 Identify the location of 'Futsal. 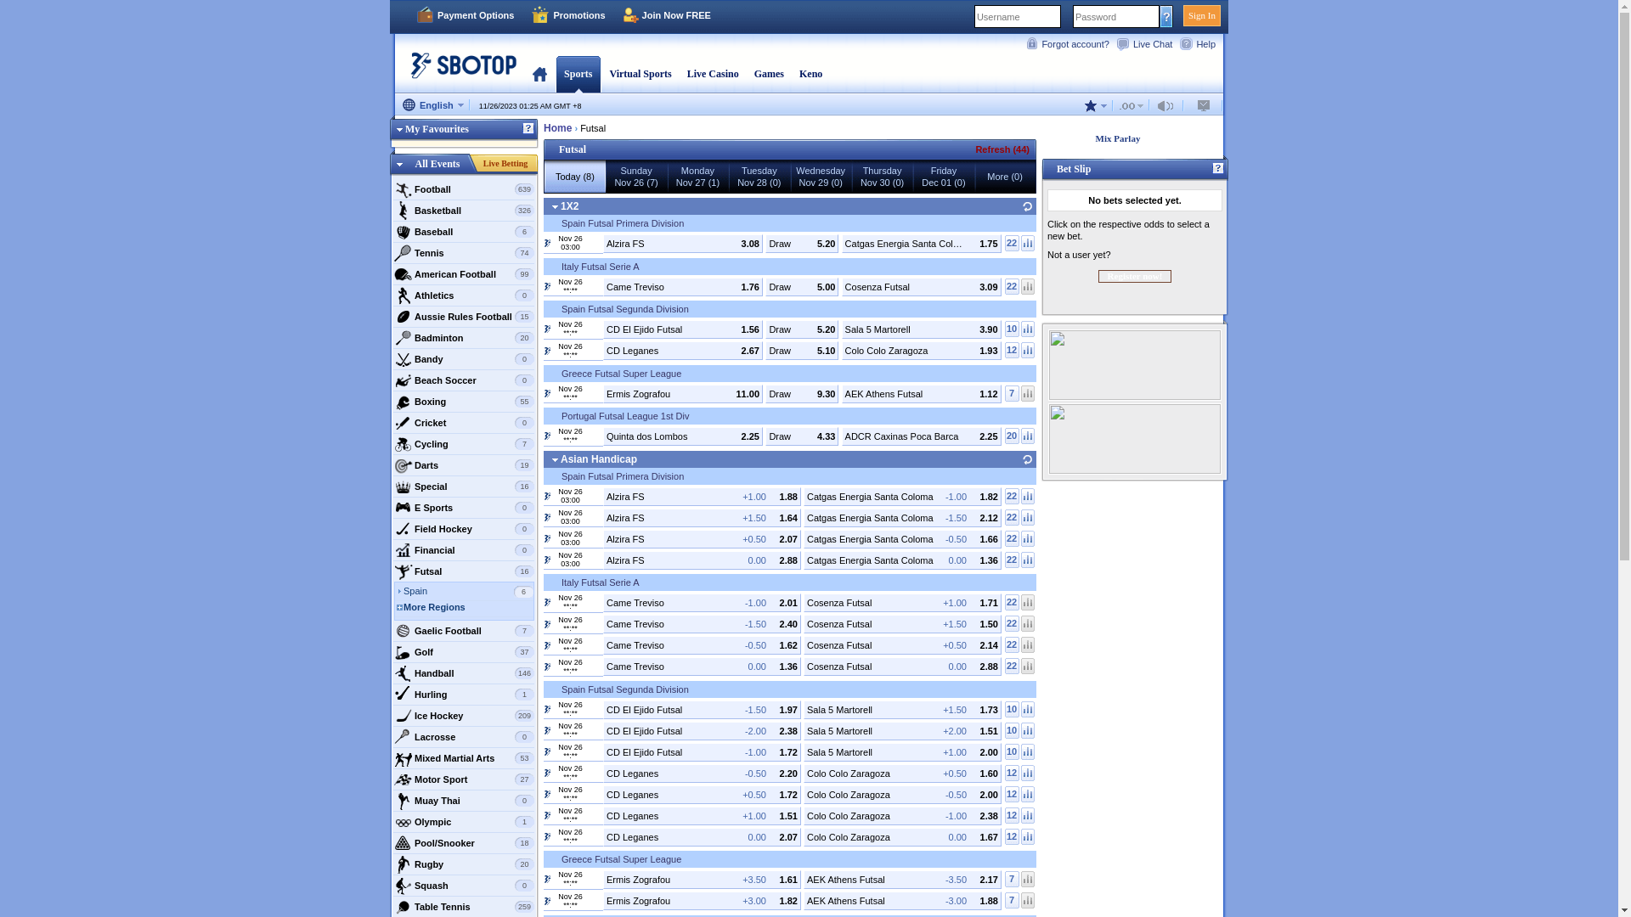
(464, 571).